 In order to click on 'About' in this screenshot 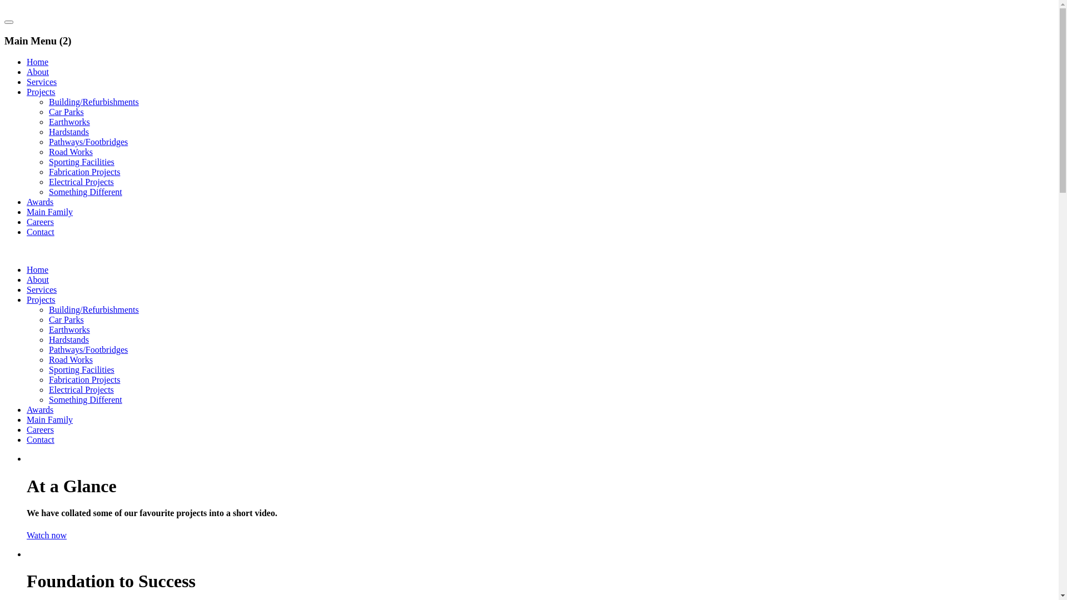, I will do `click(37, 279)`.